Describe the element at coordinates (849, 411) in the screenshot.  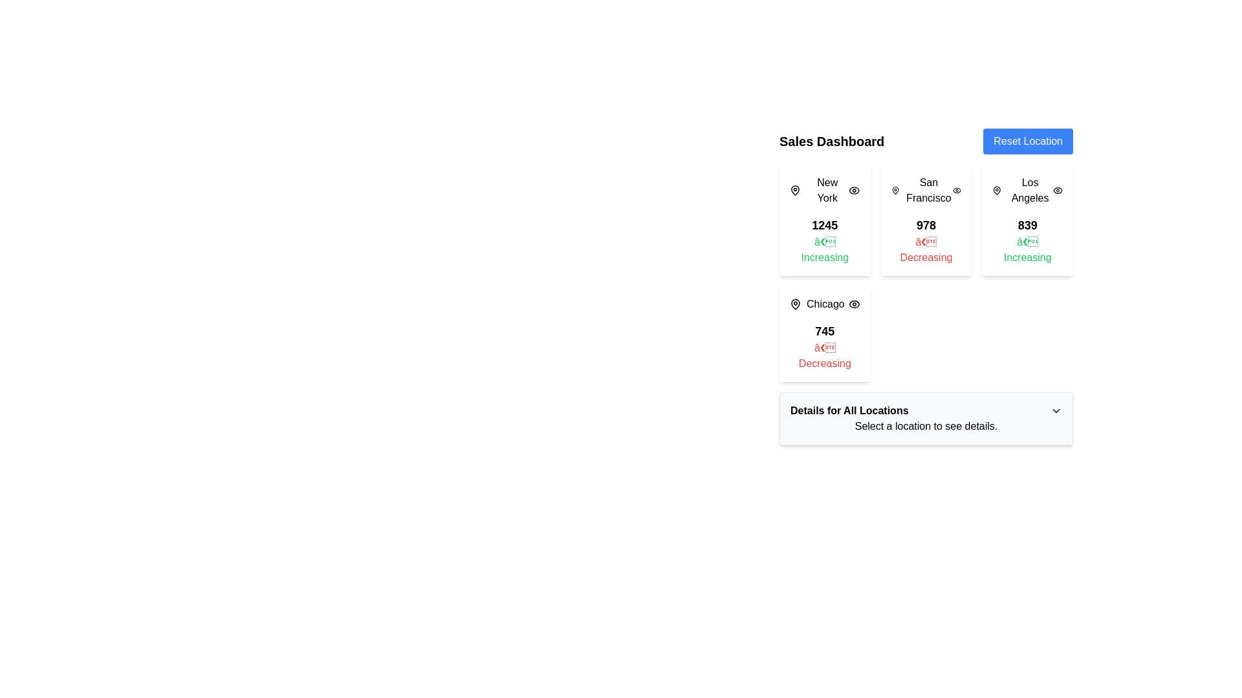
I see `the Text label that serves as a header for the section detailing locations, located near the bottom of the section and preceding an icon on the right-hand side` at that location.